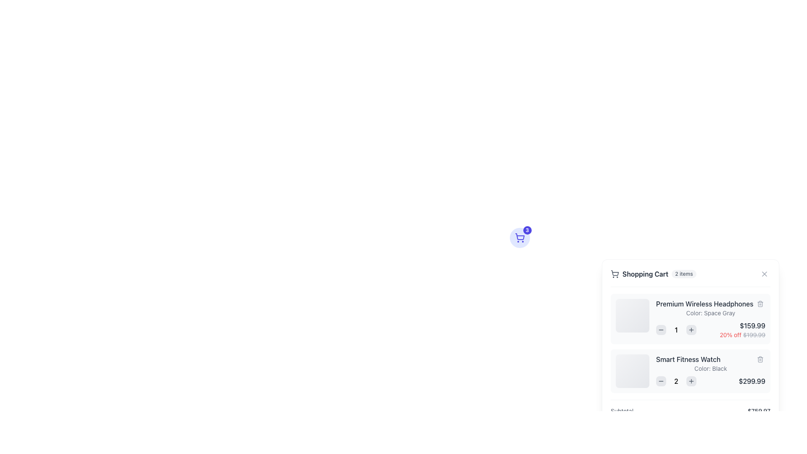 The image size is (807, 454). Describe the element at coordinates (691, 330) in the screenshot. I see `the button that increases the quantity of the 'Premium Wireless Headphones' in the shopping cart` at that location.